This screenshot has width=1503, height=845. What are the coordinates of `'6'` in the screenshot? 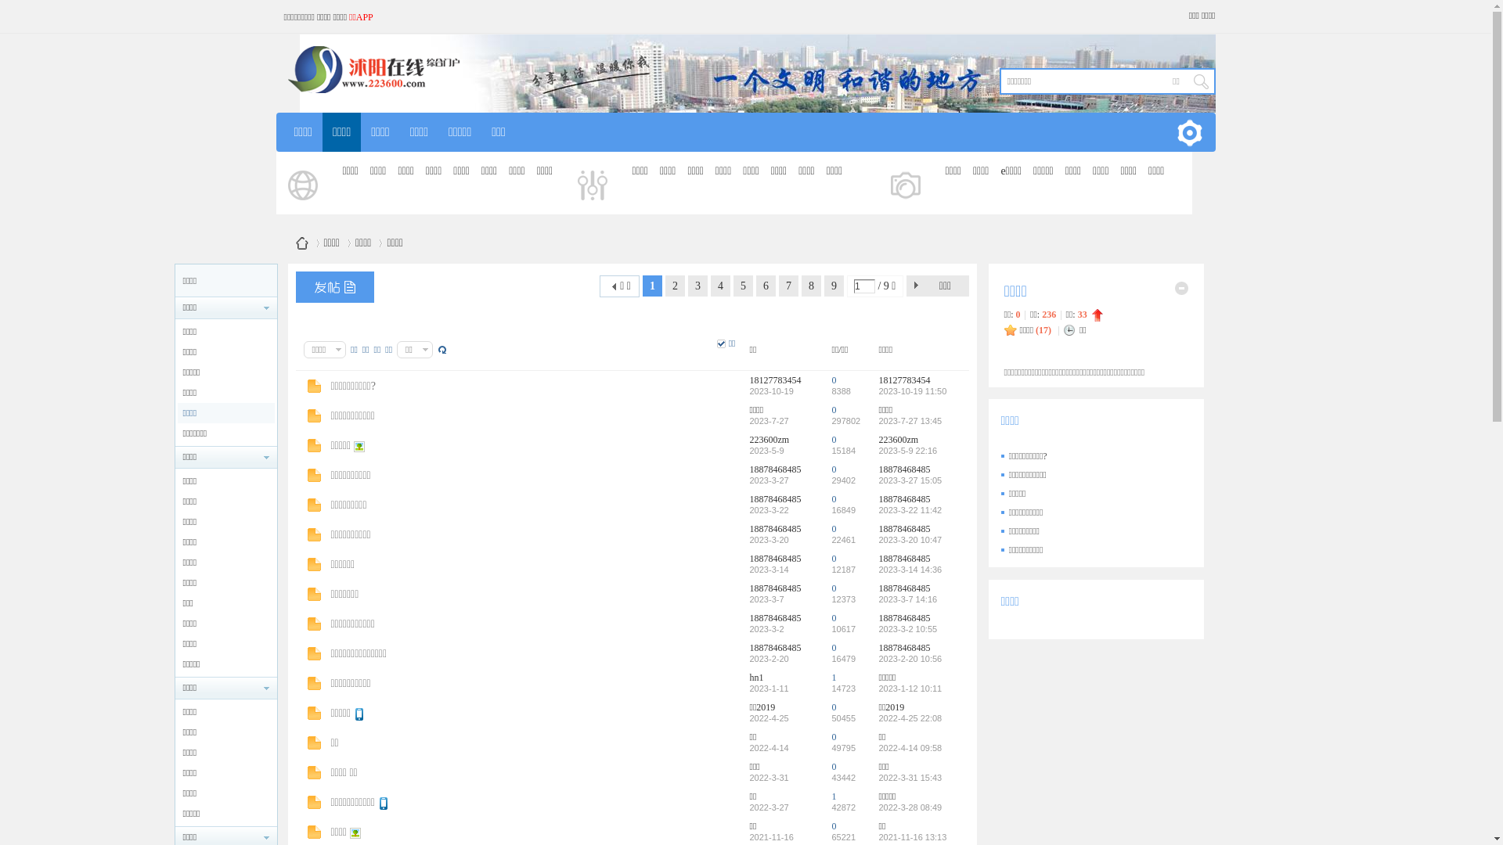 It's located at (766, 286).